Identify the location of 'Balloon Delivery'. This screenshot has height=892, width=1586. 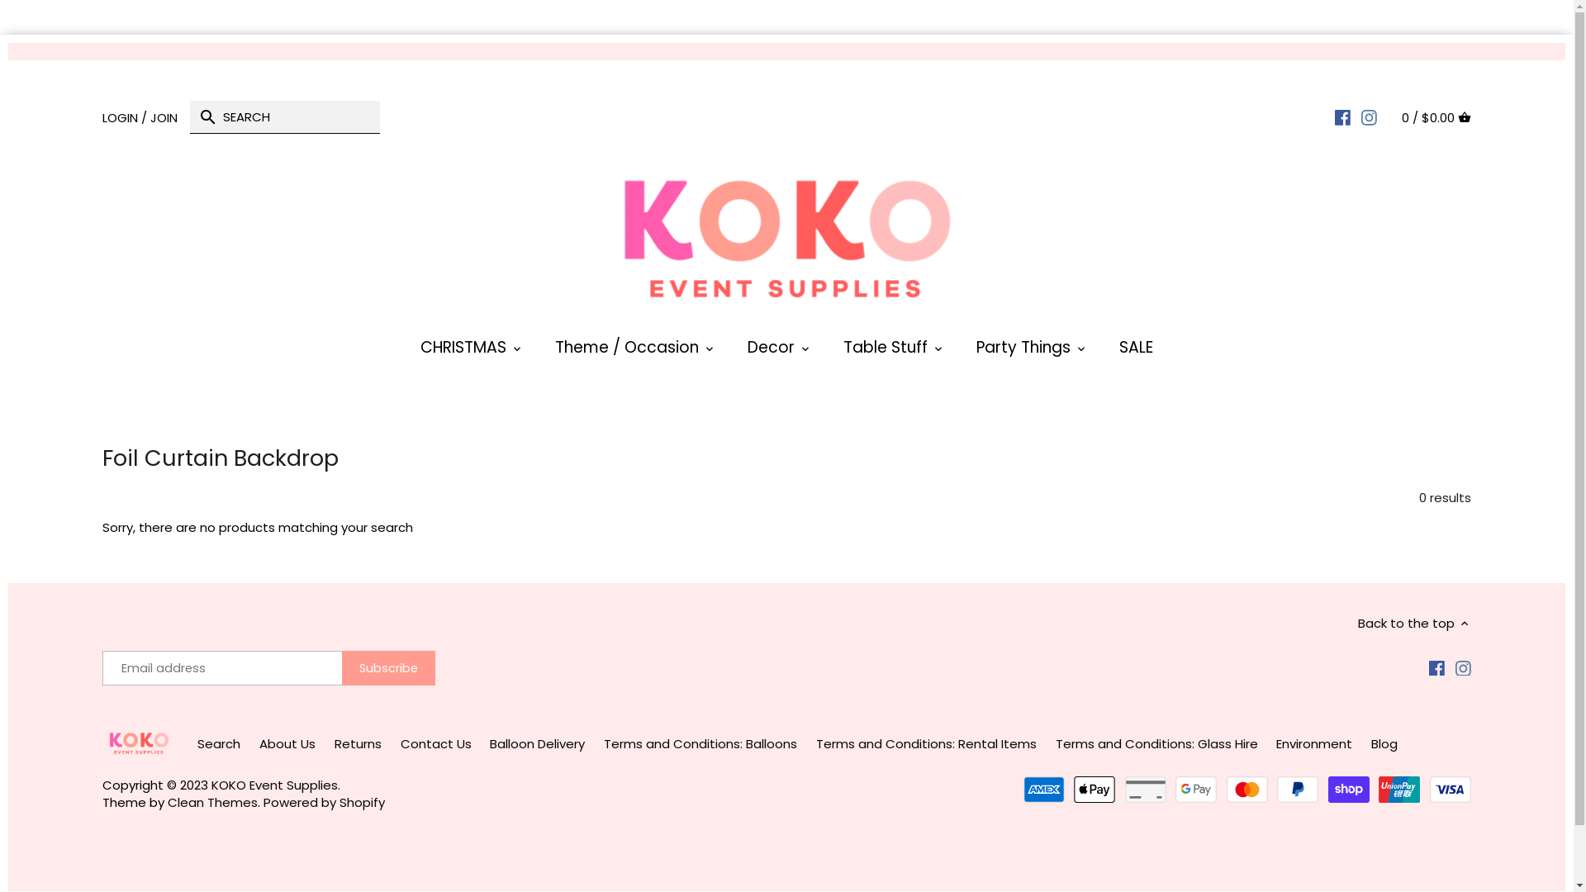
(537, 743).